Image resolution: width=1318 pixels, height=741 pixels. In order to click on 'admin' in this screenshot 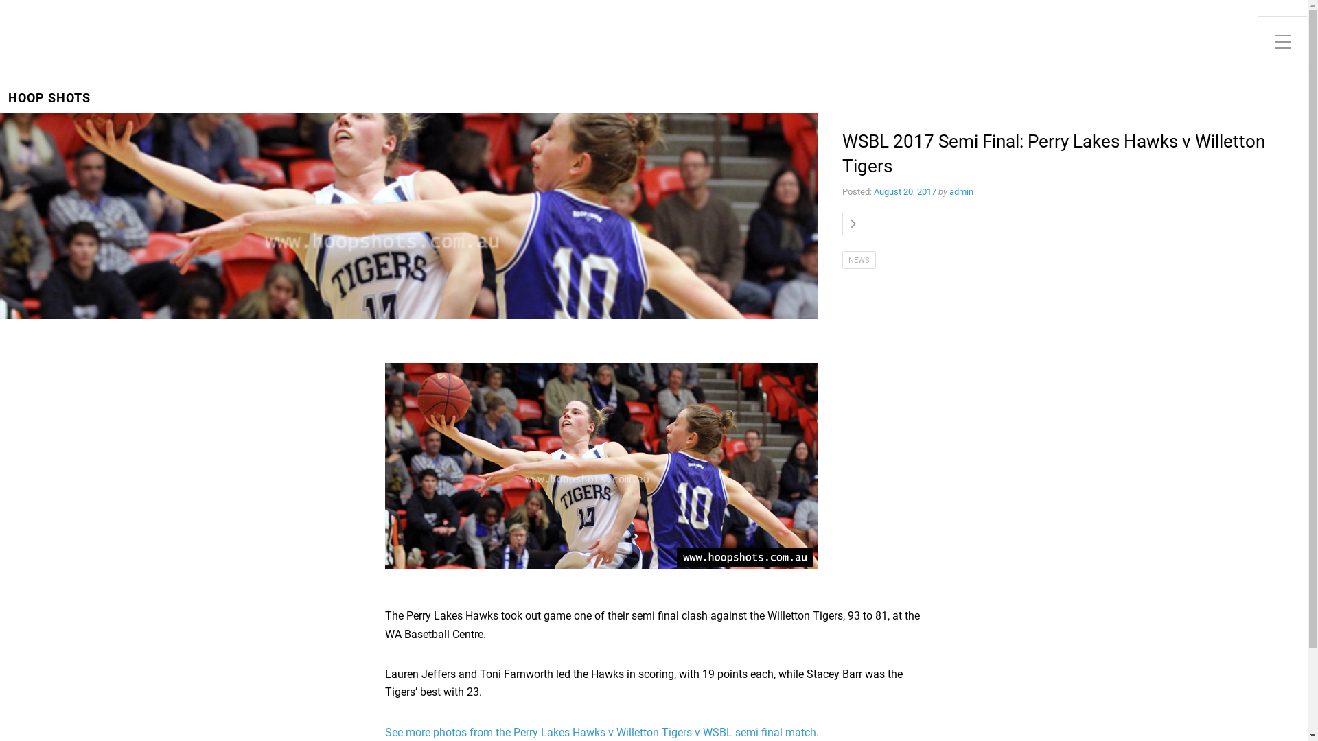, I will do `click(960, 191)`.